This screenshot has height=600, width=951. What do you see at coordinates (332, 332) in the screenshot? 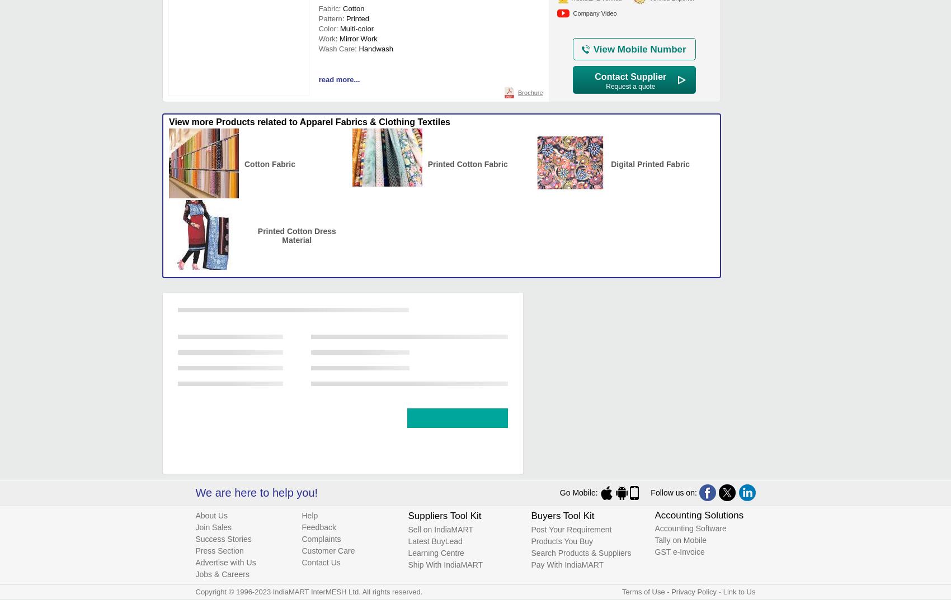
I see `'₹ 705/'` at bounding box center [332, 332].